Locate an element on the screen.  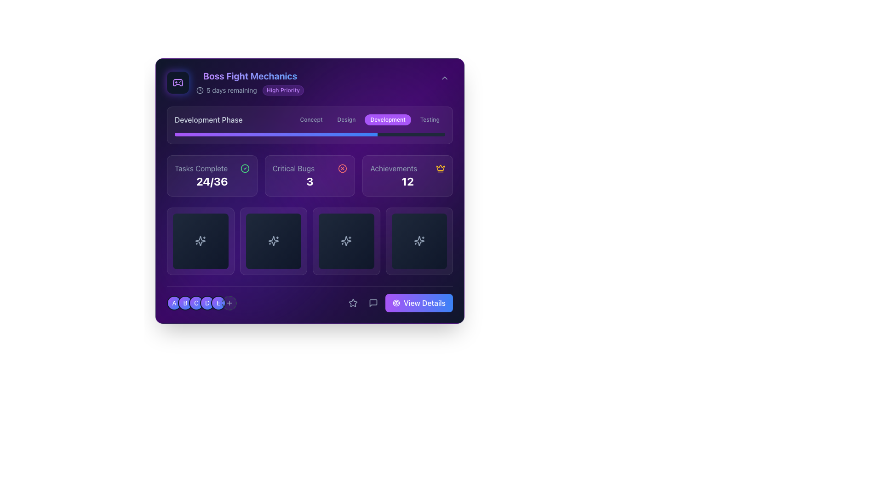
the decorative star icon located above the 'View Details' button is located at coordinates (353, 303).